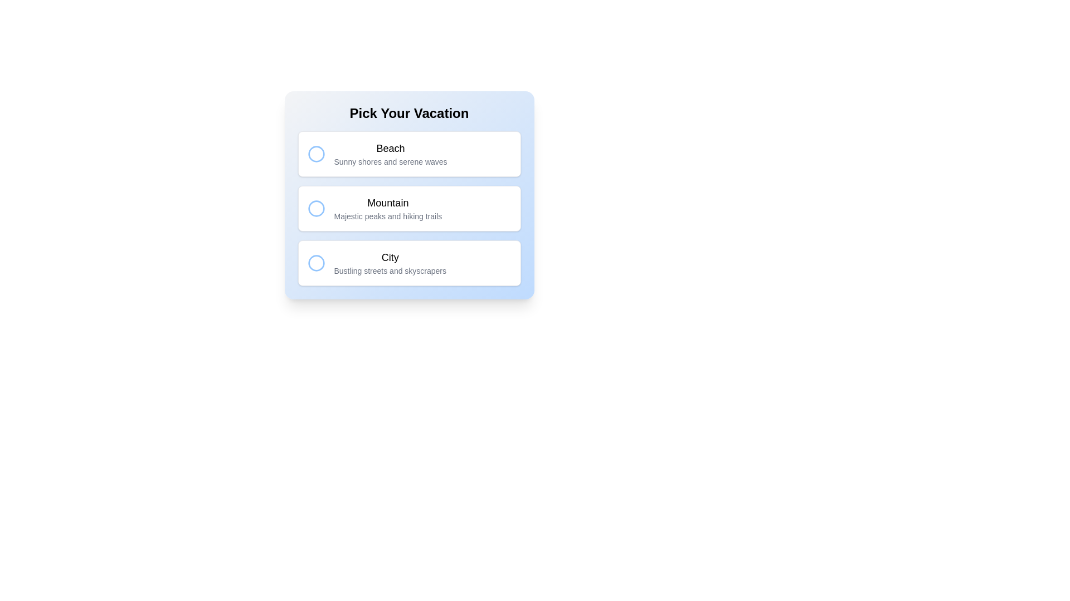 The image size is (1070, 601). Describe the element at coordinates (390, 270) in the screenshot. I see `text label that displays 'Bustling streets and skyscrapers', positioned below the 'City' label` at that location.